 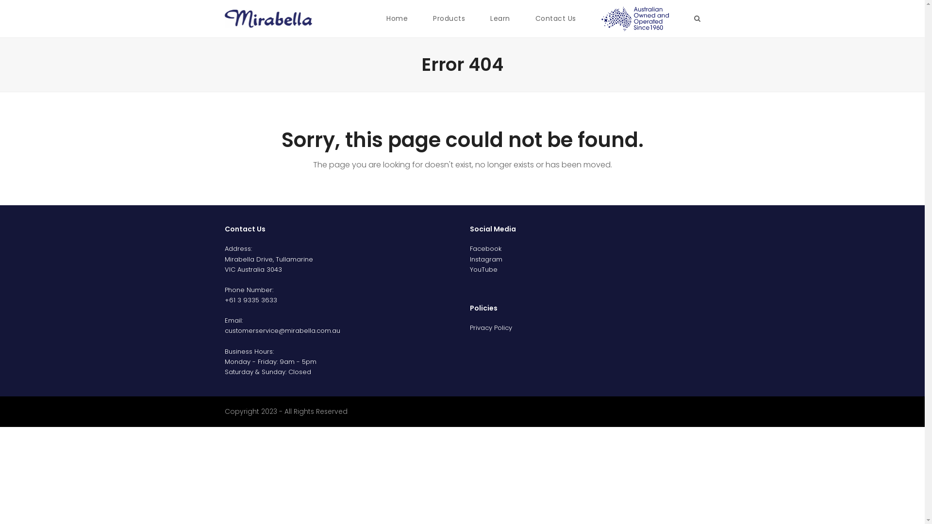 What do you see at coordinates (556, 18) in the screenshot?
I see `'Contact Us'` at bounding box center [556, 18].